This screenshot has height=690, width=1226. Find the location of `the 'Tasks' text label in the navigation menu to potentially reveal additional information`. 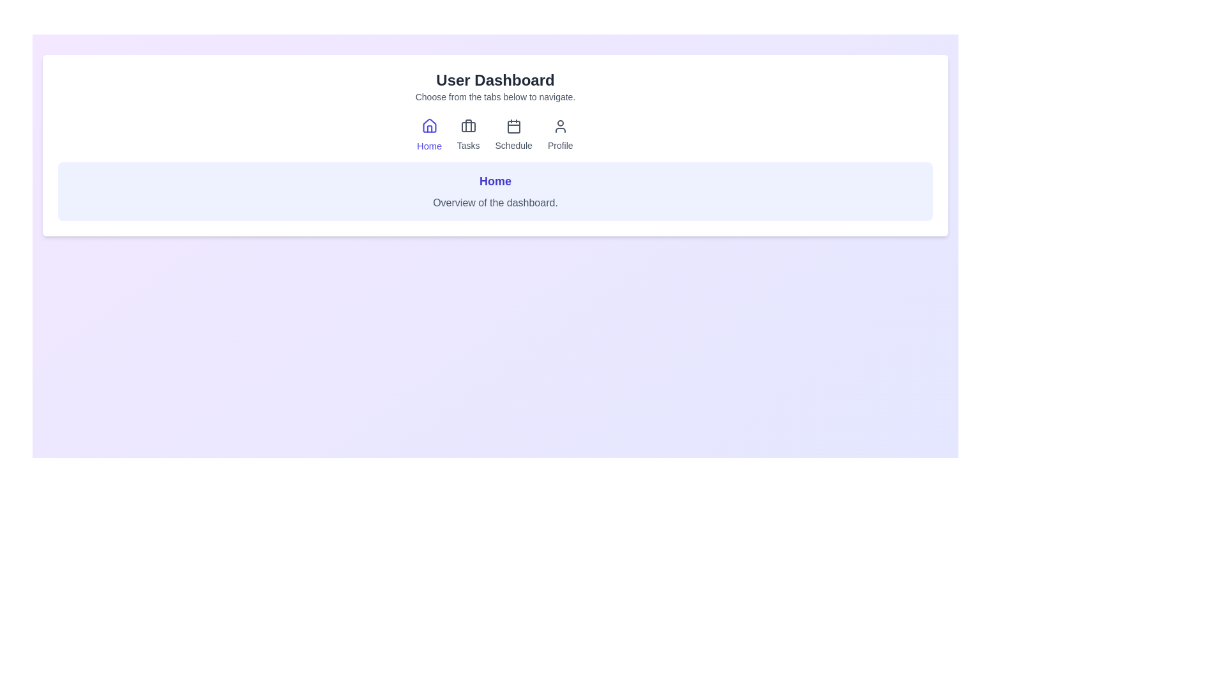

the 'Tasks' text label in the navigation menu to potentially reveal additional information is located at coordinates (467, 144).